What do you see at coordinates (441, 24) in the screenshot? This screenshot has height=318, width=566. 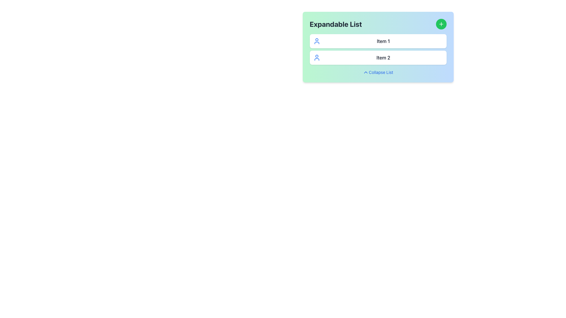 I see `the green circular button with a plus icon located in the top-right corner of the 'Expandable List' card` at bounding box center [441, 24].